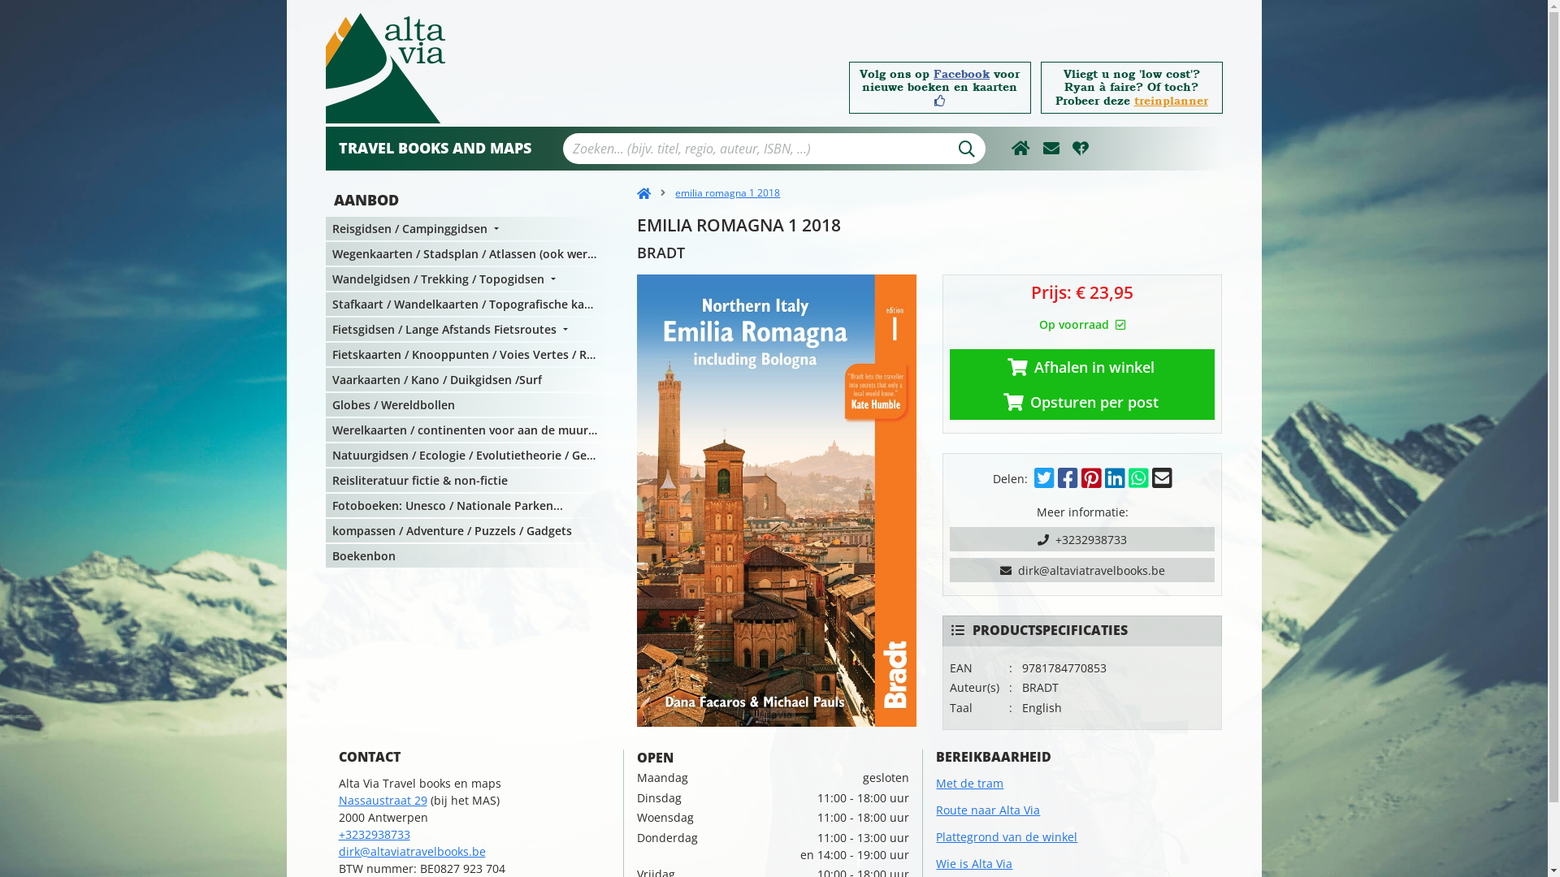  I want to click on 'Route naar Alta Via', so click(986, 810).